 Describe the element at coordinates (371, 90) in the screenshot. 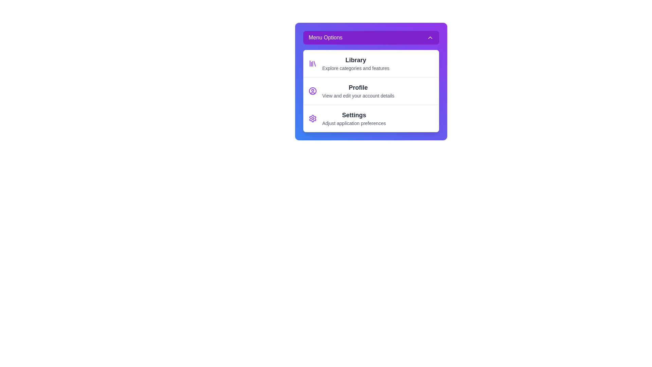

I see `the second interactive list item in the navigation menu, which leads to the profile page` at that location.